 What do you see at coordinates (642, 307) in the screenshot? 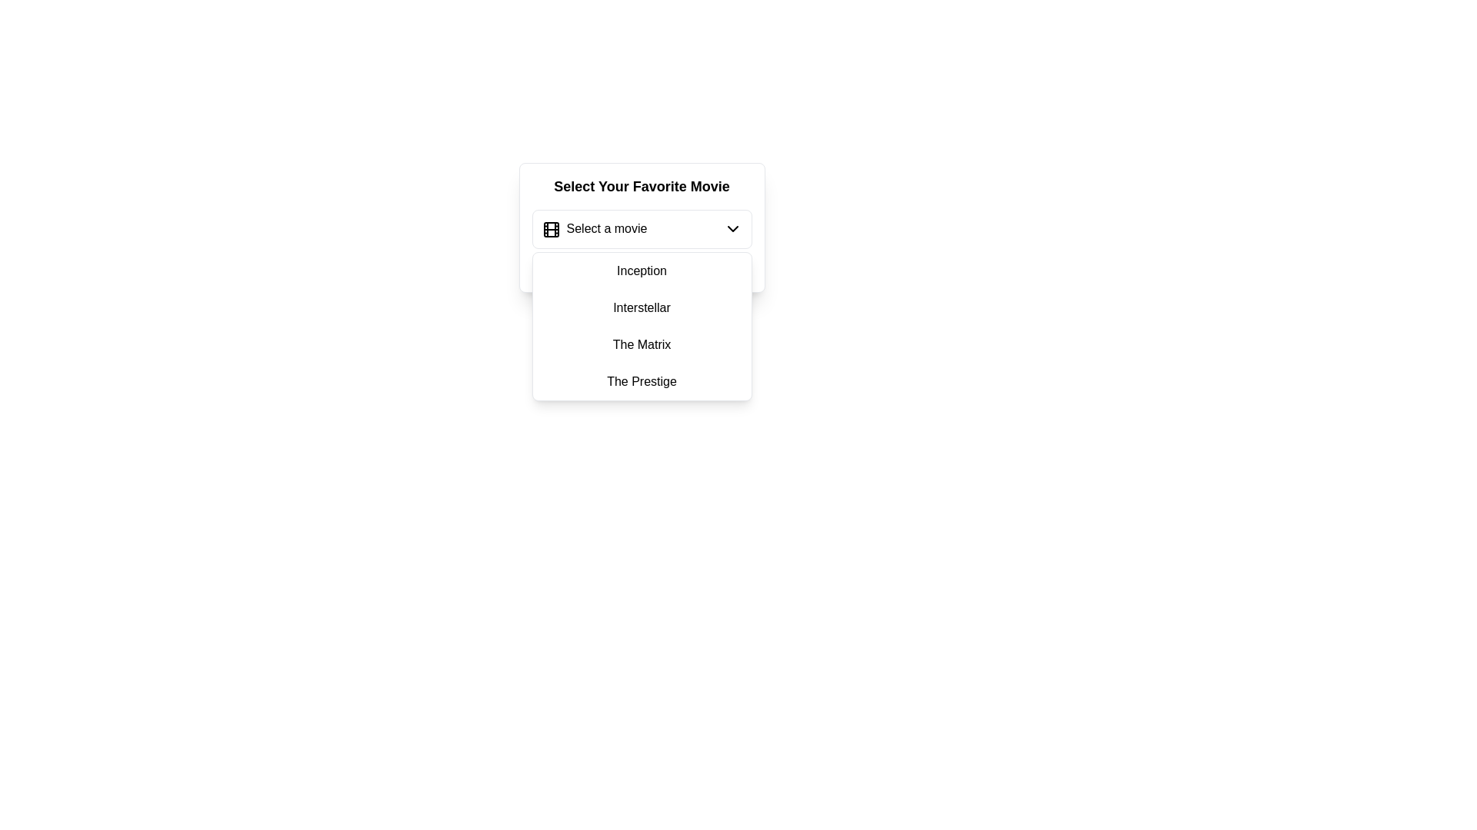
I see `the list item displaying 'Interstellar' in the dropdown menu` at bounding box center [642, 307].